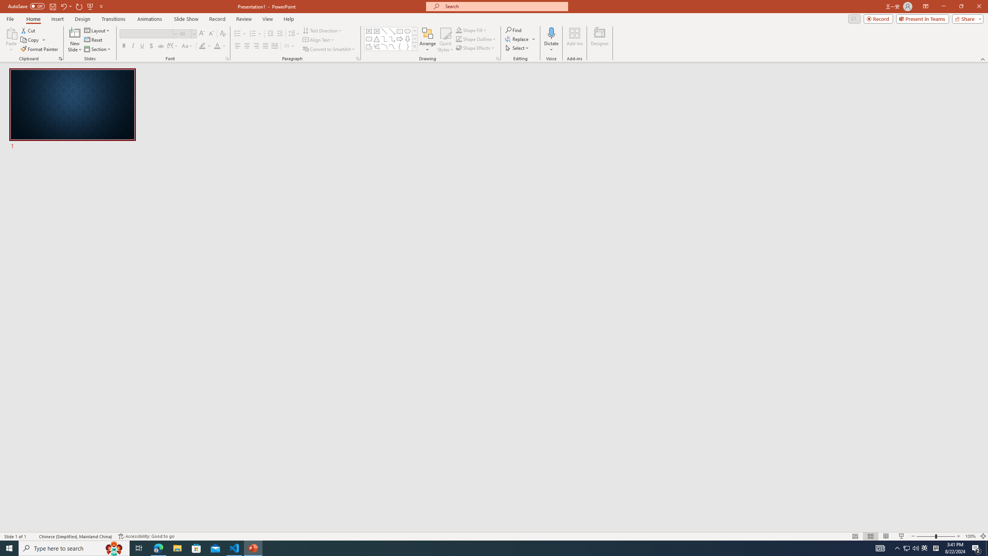 Image resolution: width=988 pixels, height=556 pixels. Describe the element at coordinates (551, 46) in the screenshot. I see `'More Options'` at that location.